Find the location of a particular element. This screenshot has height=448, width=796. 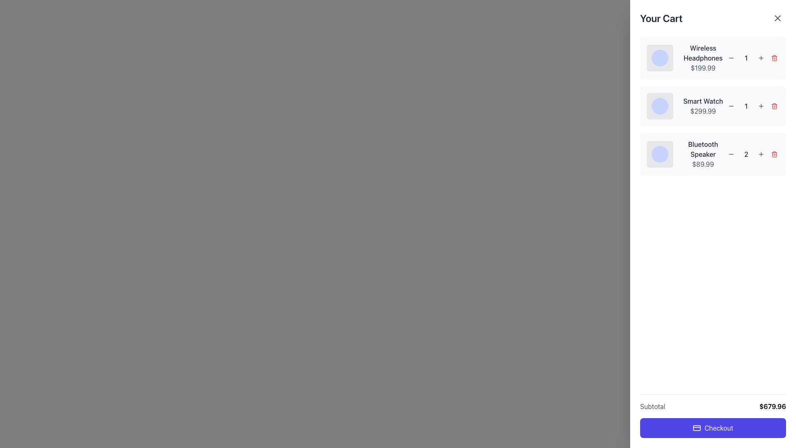

the vibrant indigo 'Checkout' button with white text, located at the bottom right of the panel, to observe its hover styling is located at coordinates (712, 428).